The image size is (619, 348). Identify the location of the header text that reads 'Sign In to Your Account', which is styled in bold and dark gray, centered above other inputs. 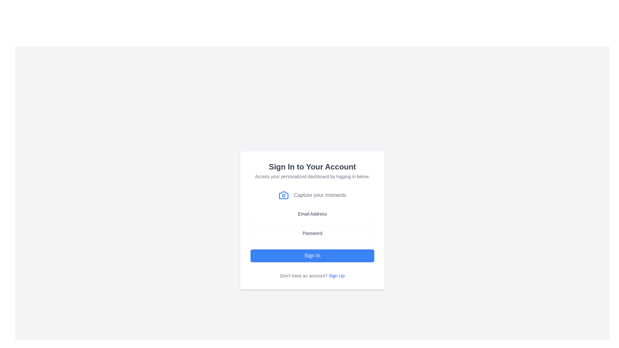
(312, 166).